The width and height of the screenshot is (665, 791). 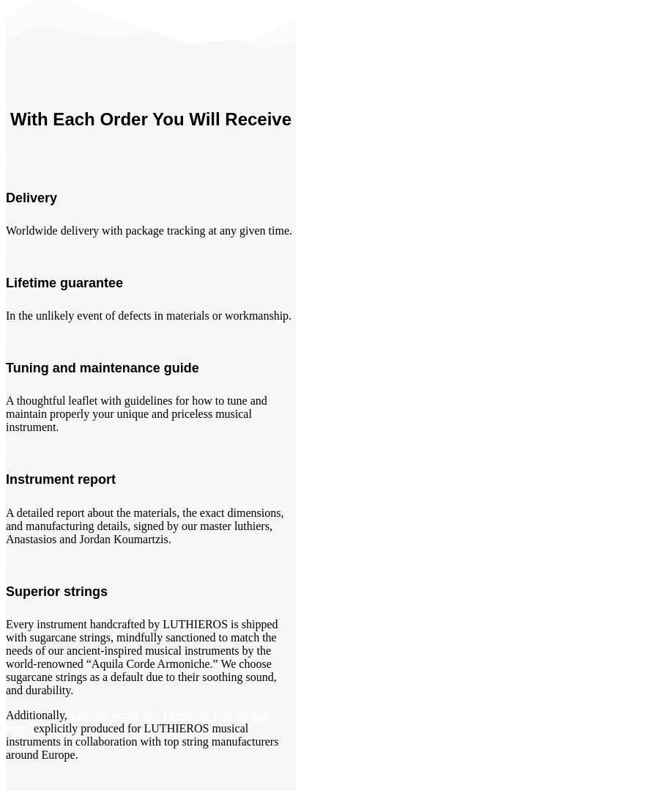 I want to click on 'Delivery', so click(x=4, y=196).